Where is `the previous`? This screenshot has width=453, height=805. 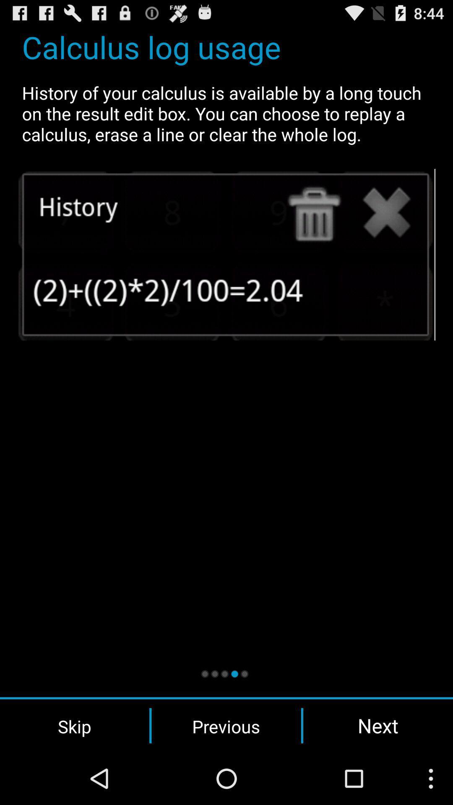
the previous is located at coordinates (226, 725).